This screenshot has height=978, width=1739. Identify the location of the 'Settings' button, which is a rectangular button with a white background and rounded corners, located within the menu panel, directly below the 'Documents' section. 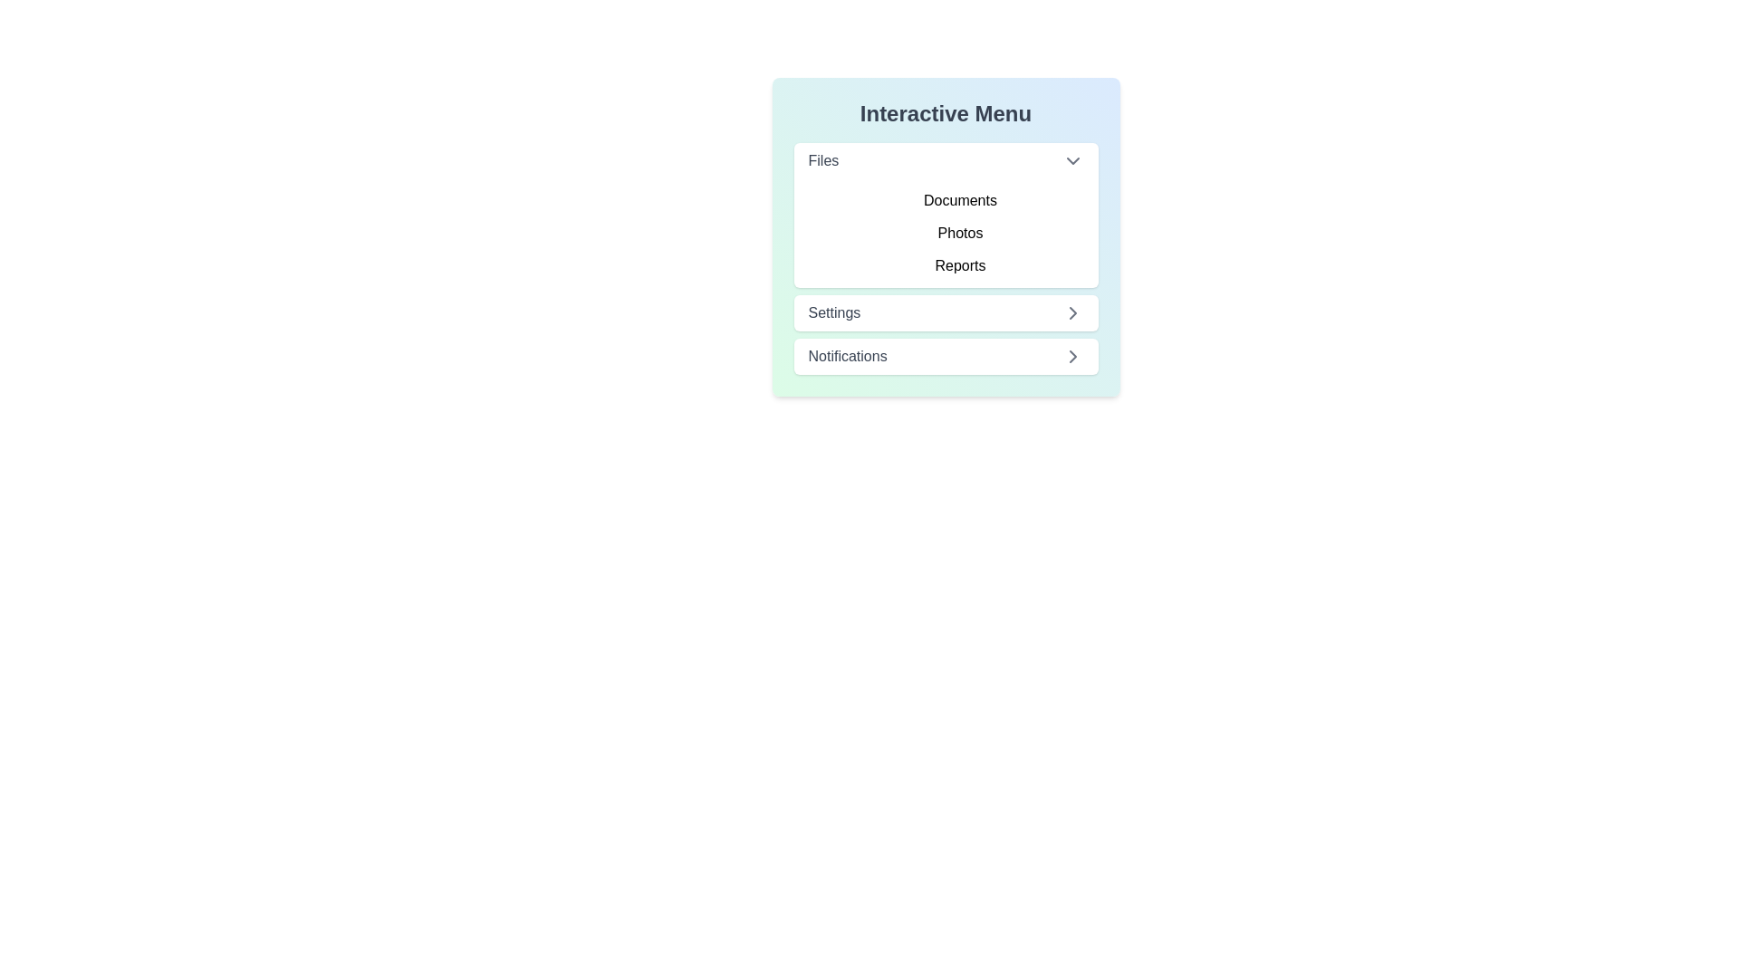
(945, 312).